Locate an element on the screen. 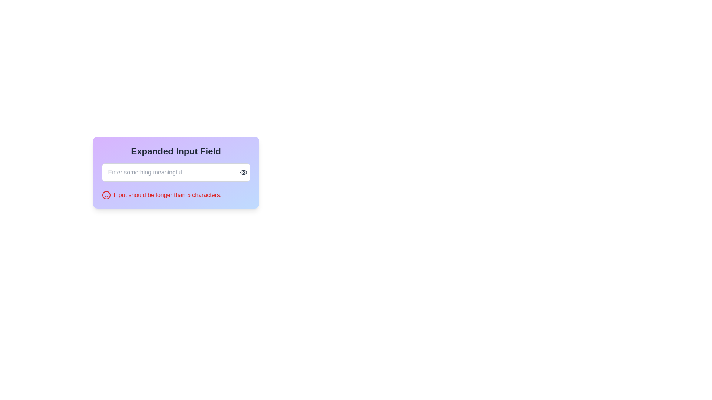 The width and height of the screenshot is (712, 400). the informative text element that provides validation feedback regarding the minimum character requirement for the input field above is located at coordinates (175, 195).